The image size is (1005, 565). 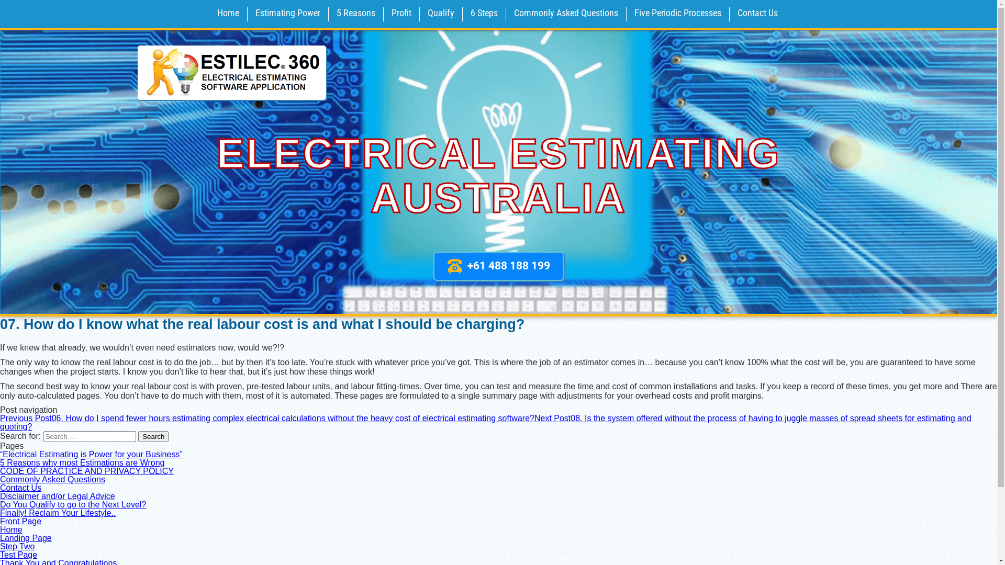 What do you see at coordinates (757, 14) in the screenshot?
I see `'Contact Us'` at bounding box center [757, 14].